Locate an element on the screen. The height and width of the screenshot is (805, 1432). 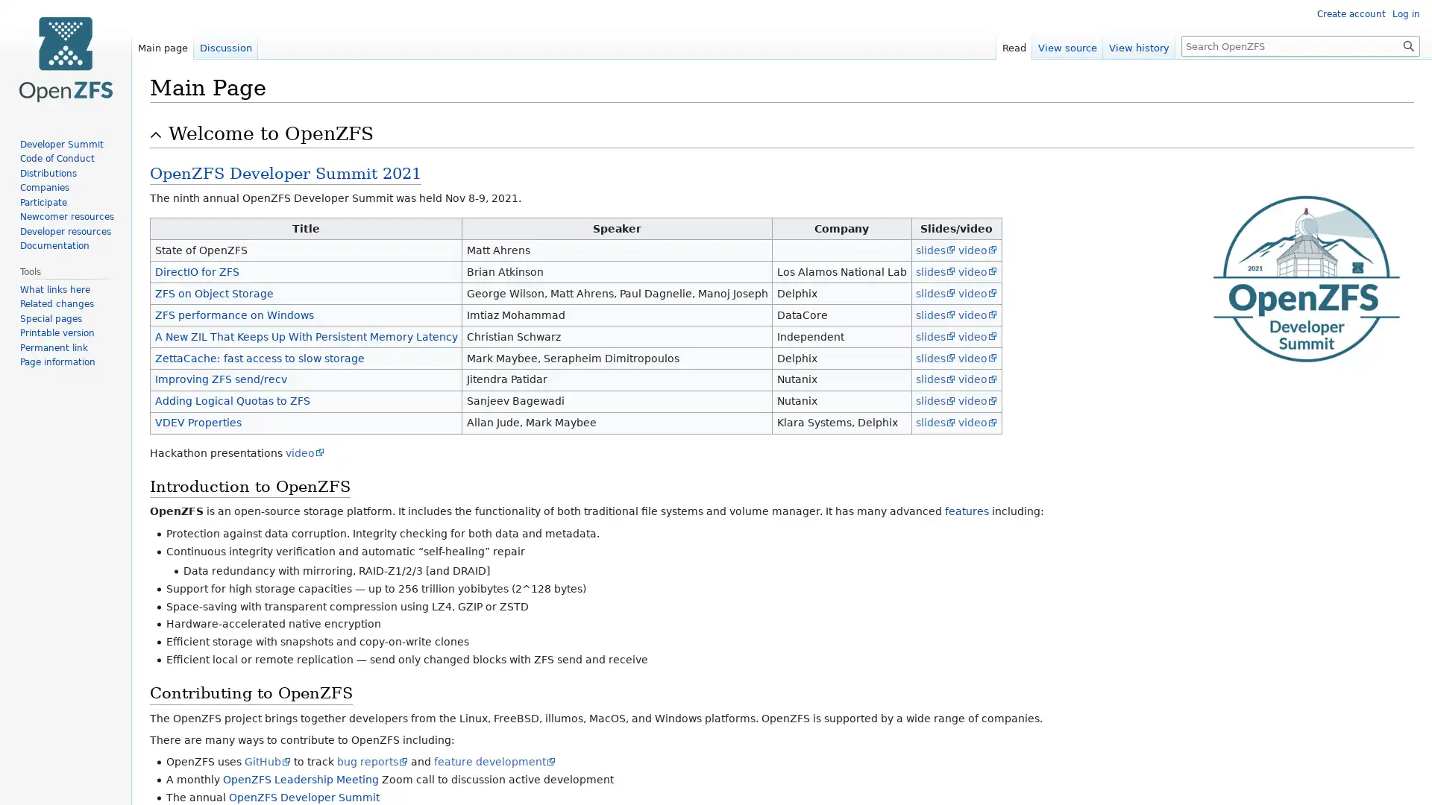
Go is located at coordinates (1408, 45).